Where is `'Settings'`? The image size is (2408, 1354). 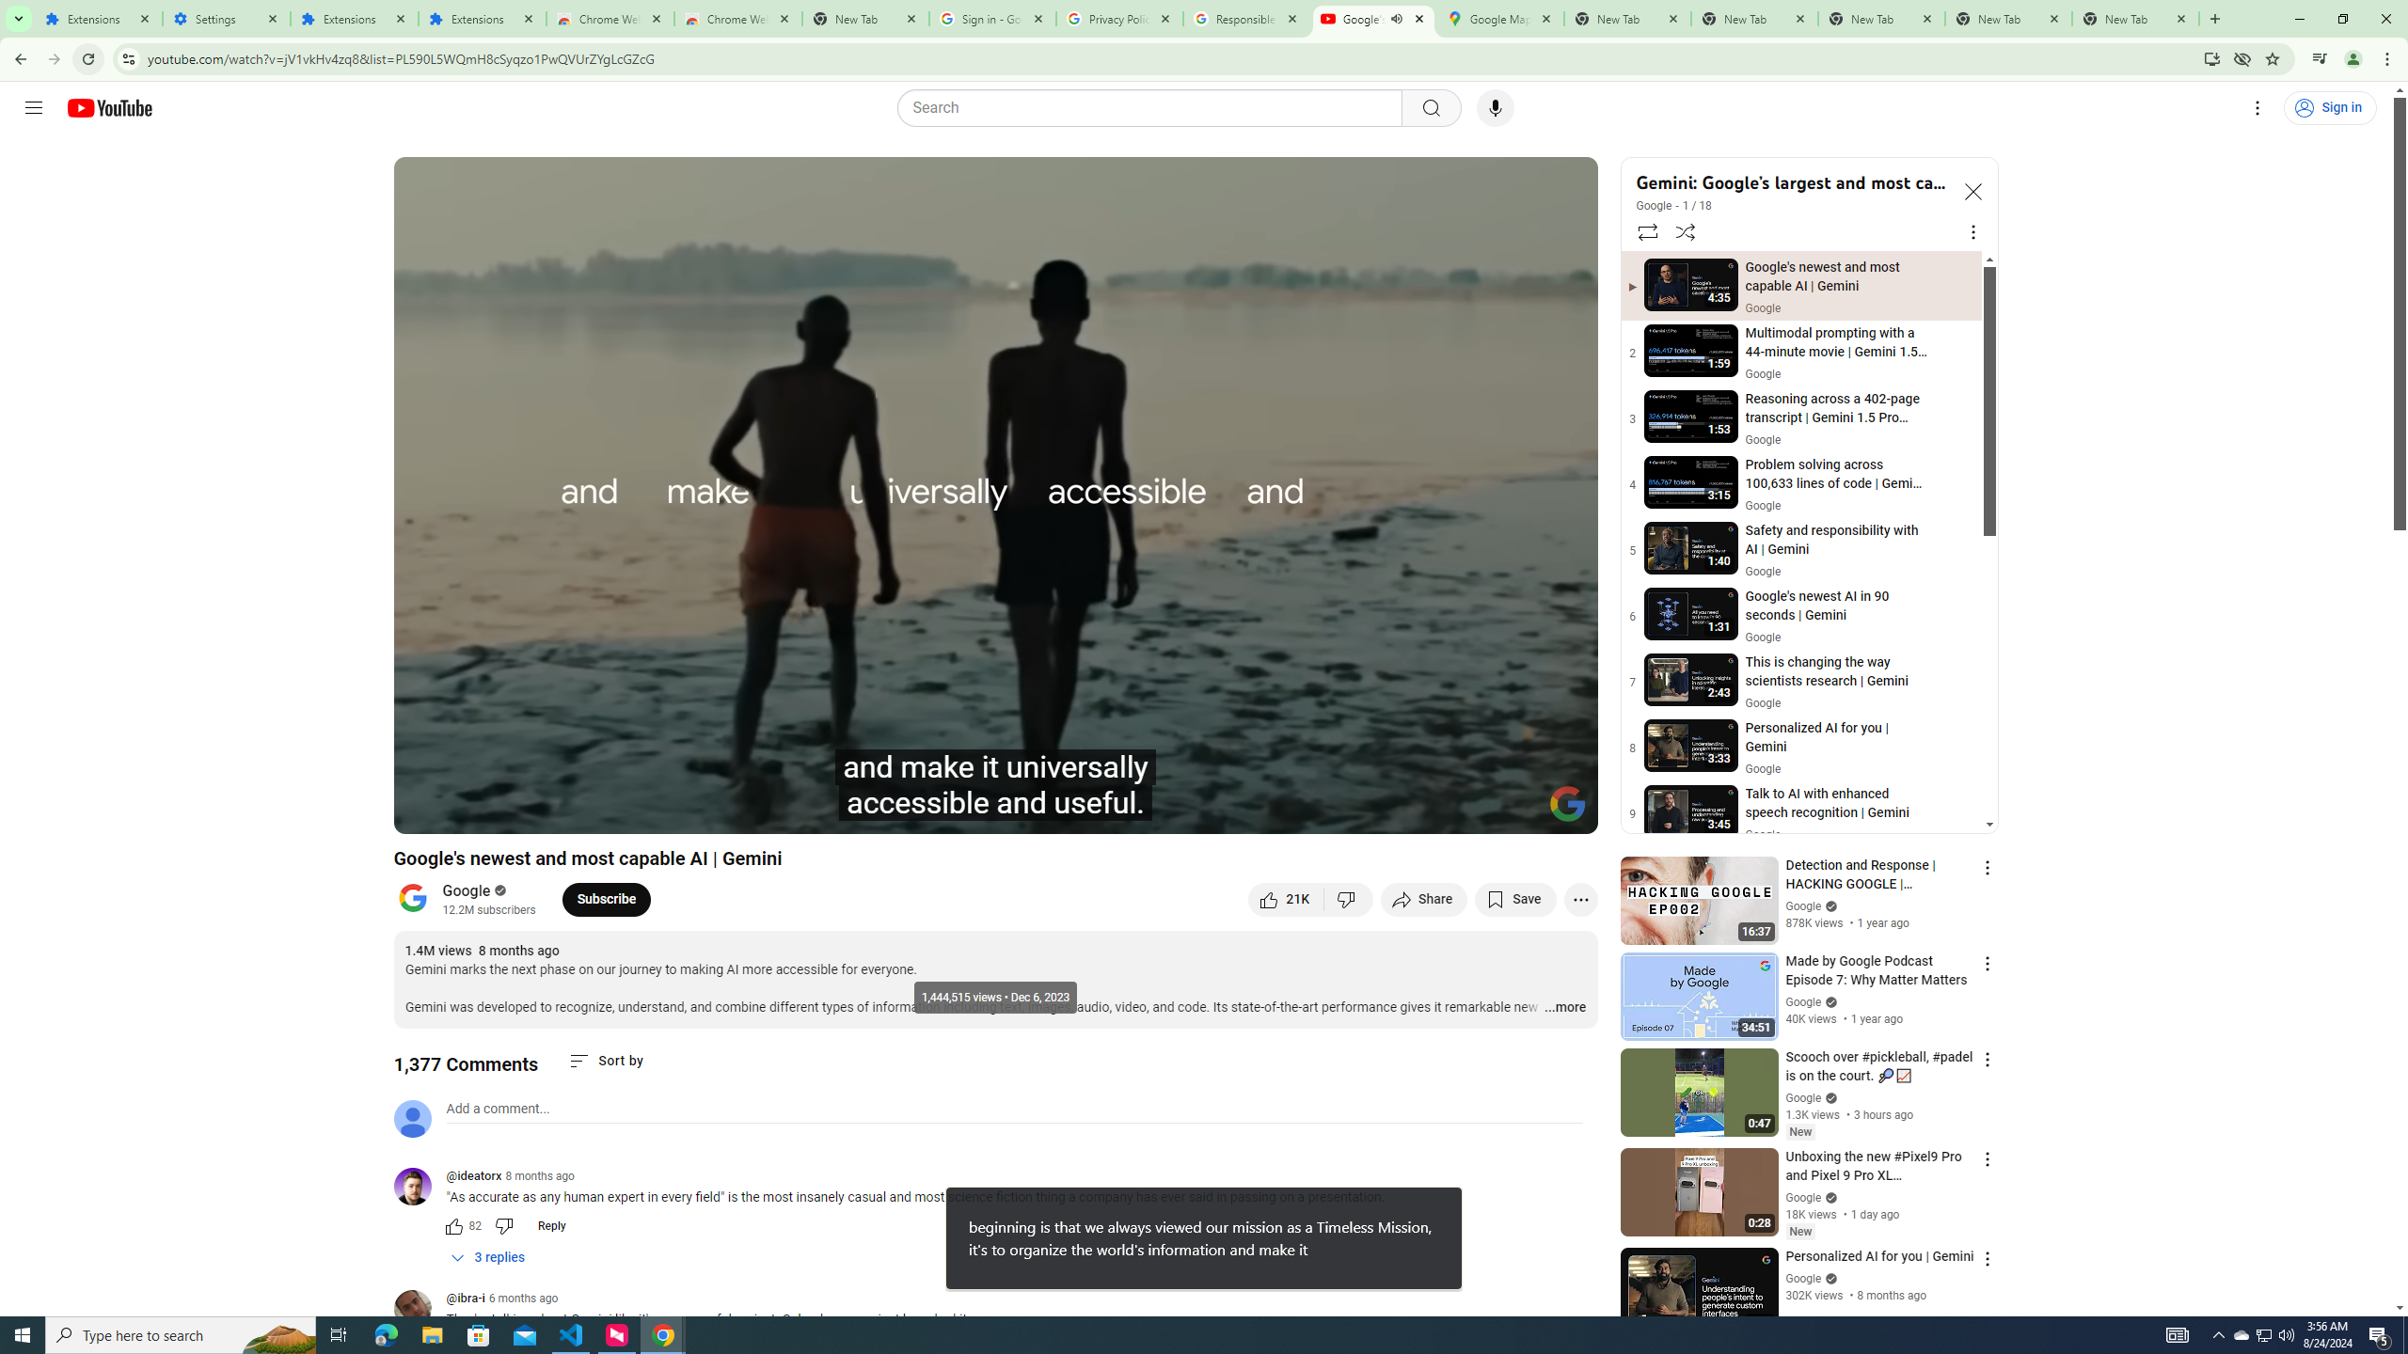
'Settings' is located at coordinates (226, 18).